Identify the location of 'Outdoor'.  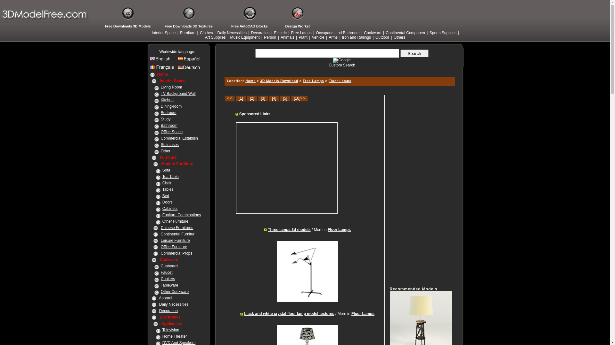
(382, 37).